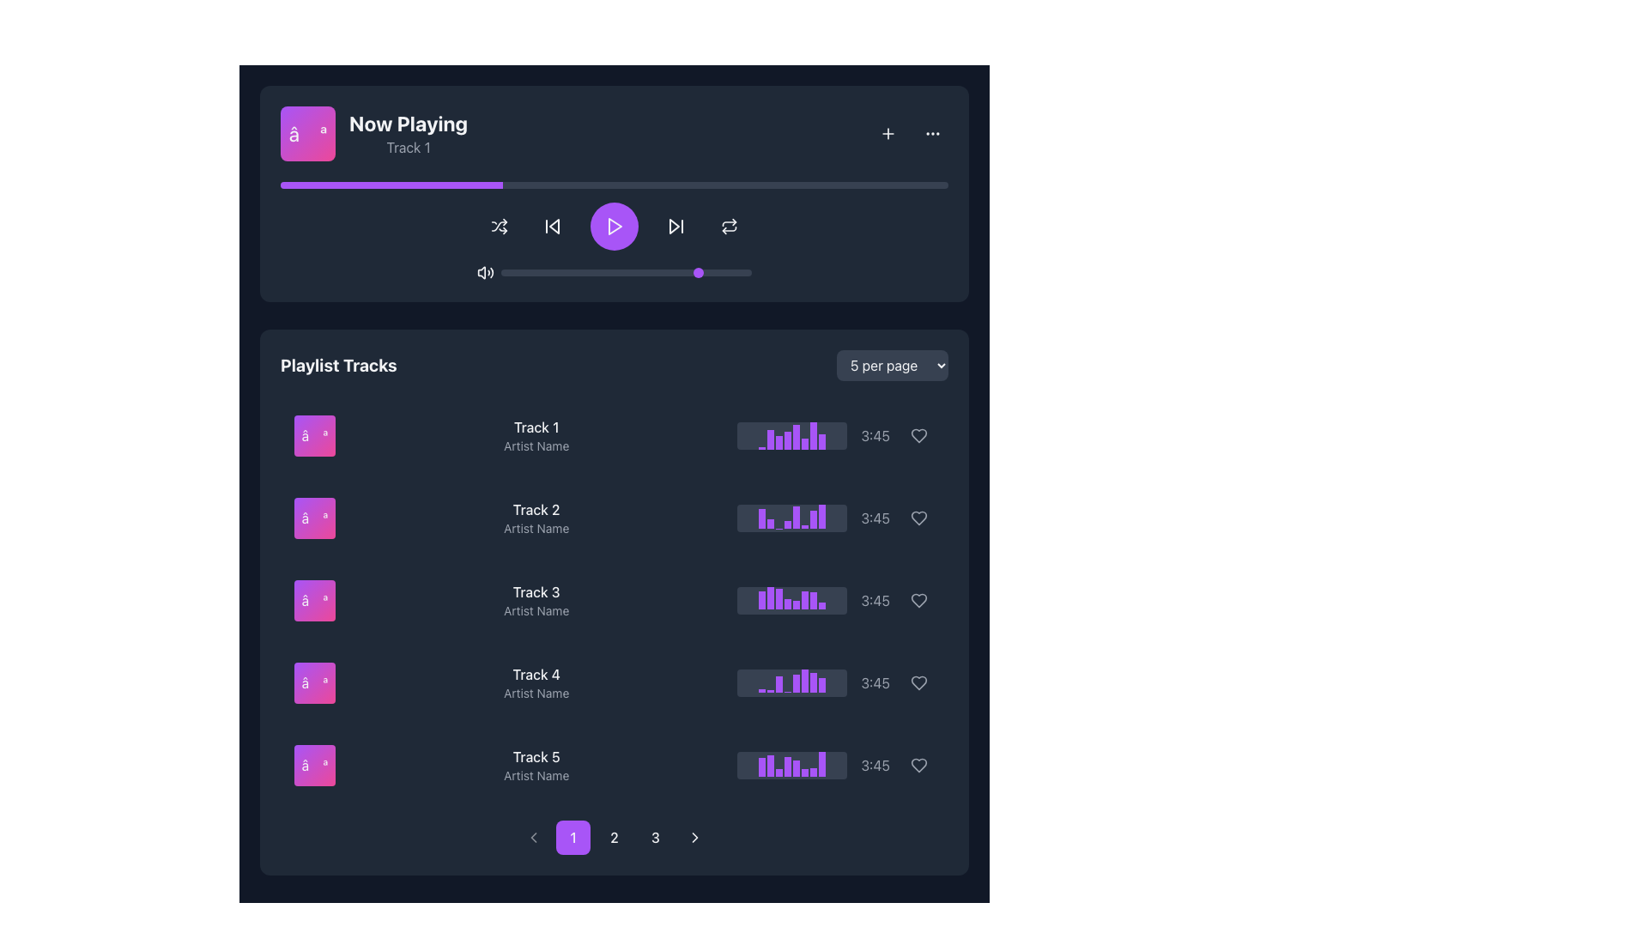 This screenshot has height=927, width=1648. Describe the element at coordinates (338, 364) in the screenshot. I see `the Text Label that serves as a title for the section listing playlist tracks, located just below the 'Now Playing' area and to the left of the dropdown menu for '5 per page'` at that location.